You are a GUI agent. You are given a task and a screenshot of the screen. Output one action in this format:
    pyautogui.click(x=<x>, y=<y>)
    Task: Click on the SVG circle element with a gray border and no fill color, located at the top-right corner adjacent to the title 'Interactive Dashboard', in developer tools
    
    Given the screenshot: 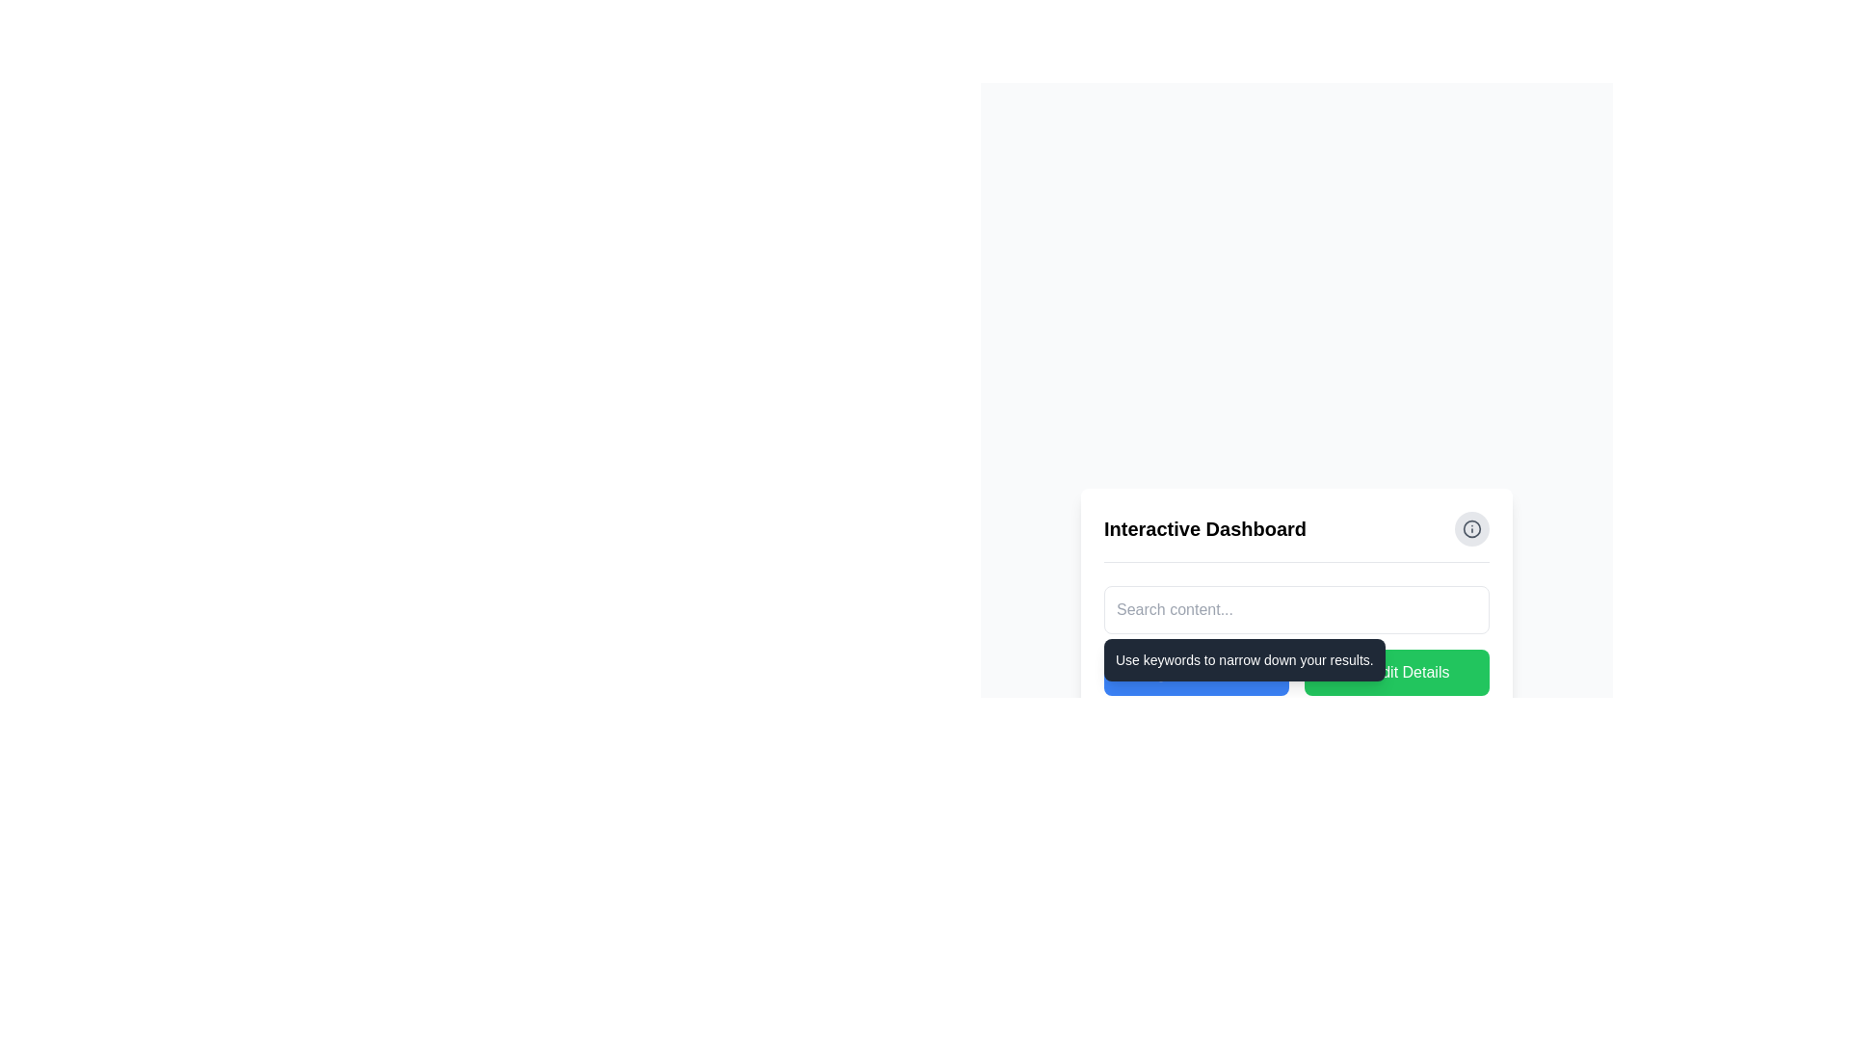 What is the action you would take?
    pyautogui.click(x=1470, y=527)
    